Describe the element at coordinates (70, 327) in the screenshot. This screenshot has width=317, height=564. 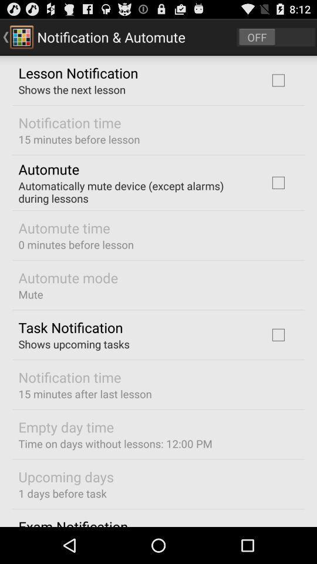
I see `the icon below mute` at that location.